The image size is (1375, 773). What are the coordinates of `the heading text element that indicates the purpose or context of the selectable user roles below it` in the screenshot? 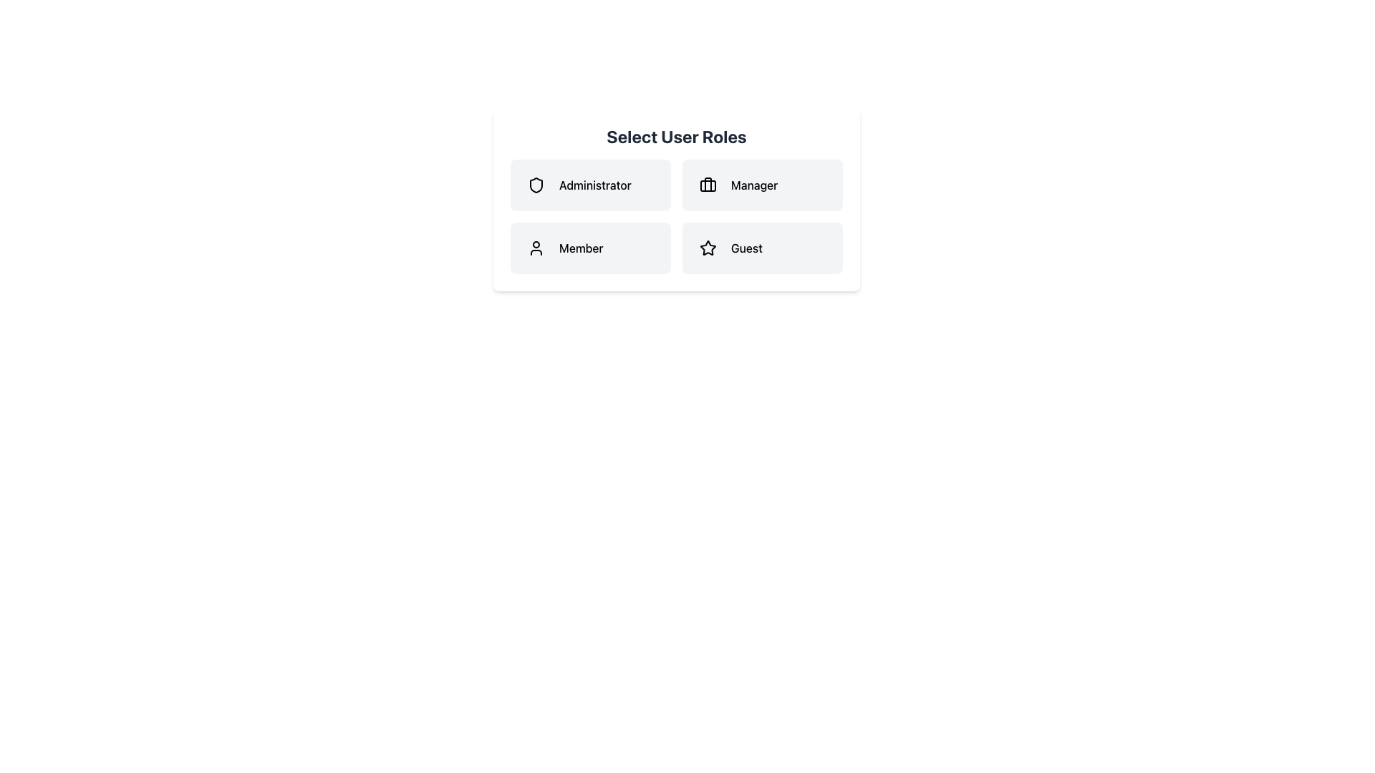 It's located at (676, 137).